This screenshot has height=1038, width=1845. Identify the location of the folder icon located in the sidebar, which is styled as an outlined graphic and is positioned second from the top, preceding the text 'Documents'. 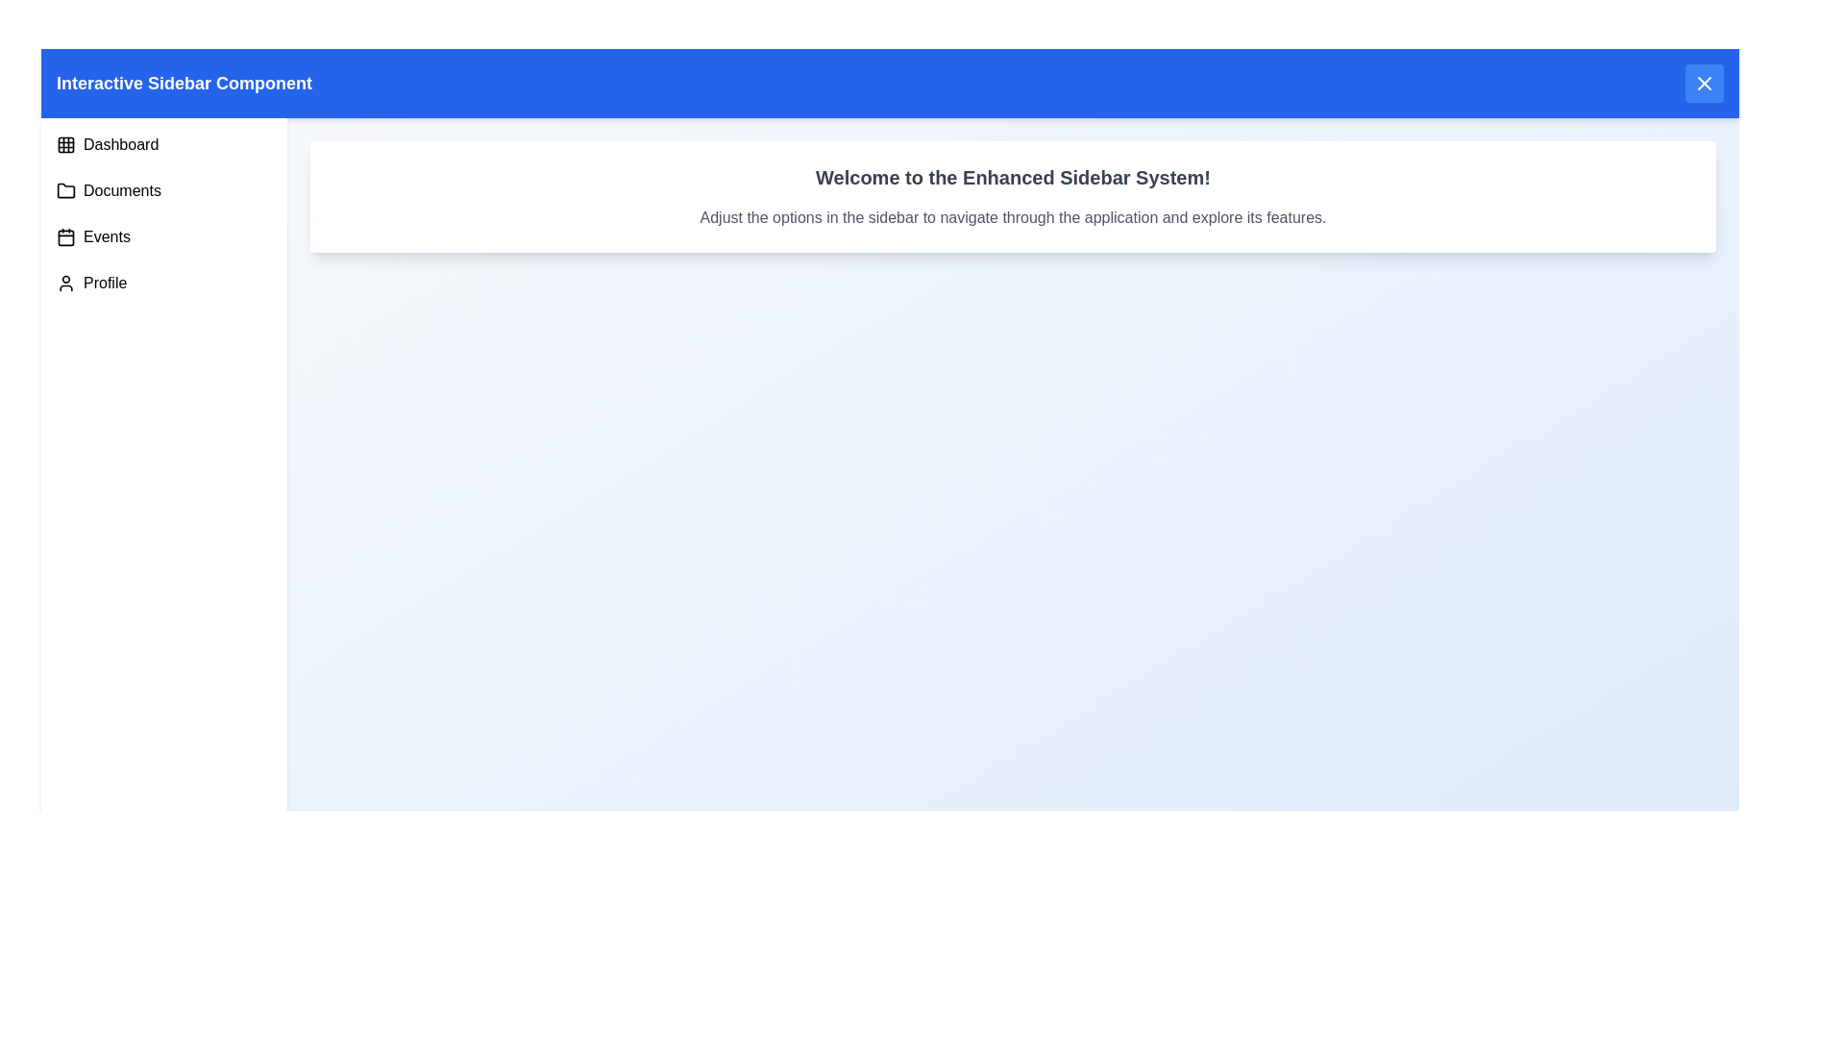
(65, 191).